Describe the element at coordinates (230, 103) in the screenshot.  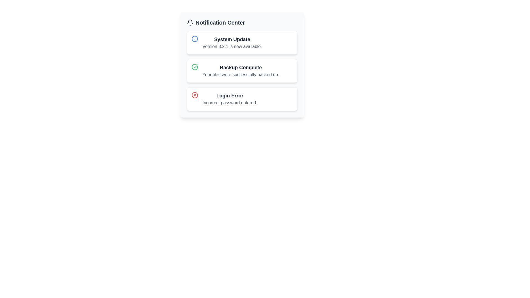
I see `error message displayed in the static text indicating that the password entered is incorrect, located below the 'Login Error' text in the third notification card under the 'Notification Center'` at that location.